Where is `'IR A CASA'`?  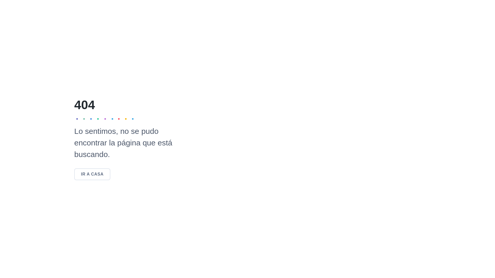
'IR A CASA' is located at coordinates (92, 174).